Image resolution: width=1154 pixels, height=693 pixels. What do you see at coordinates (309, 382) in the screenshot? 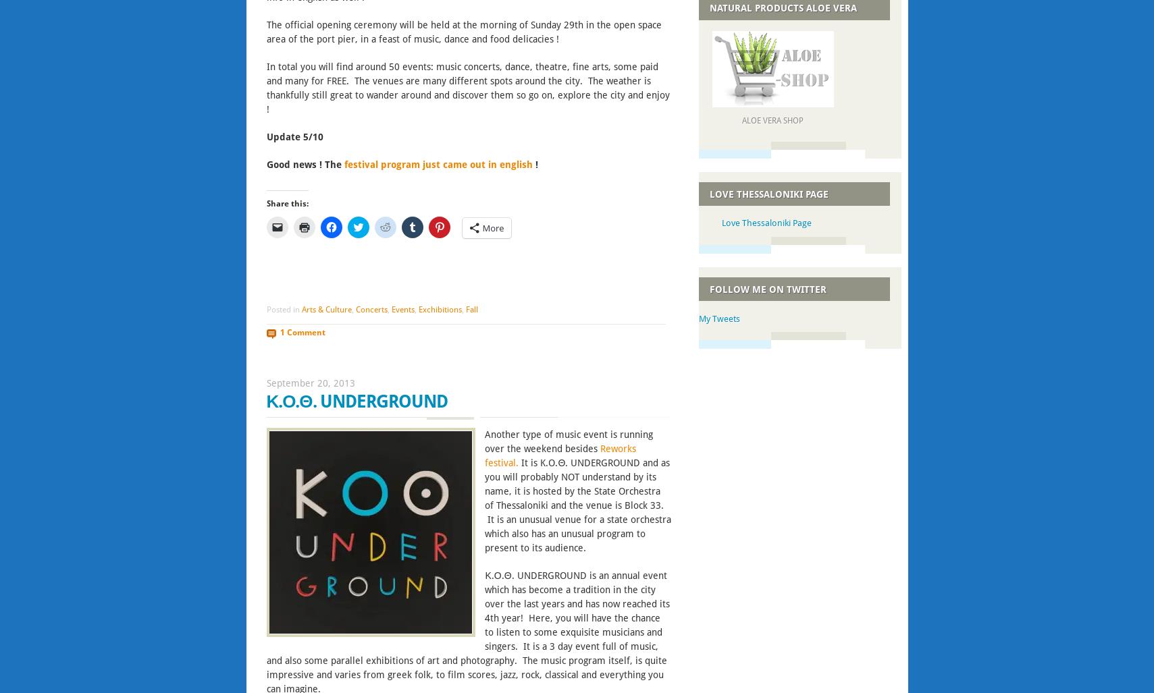
I see `'September 20, 2013'` at bounding box center [309, 382].